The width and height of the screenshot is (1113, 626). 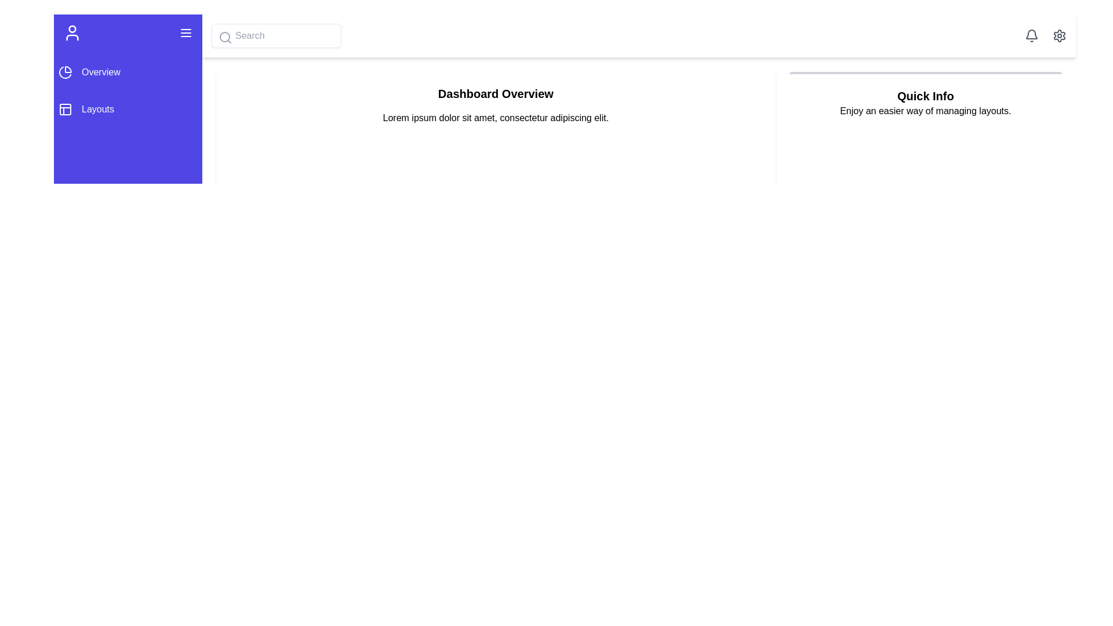 I want to click on the bell icon located at the top-right corner of the interface, so click(x=1032, y=35).